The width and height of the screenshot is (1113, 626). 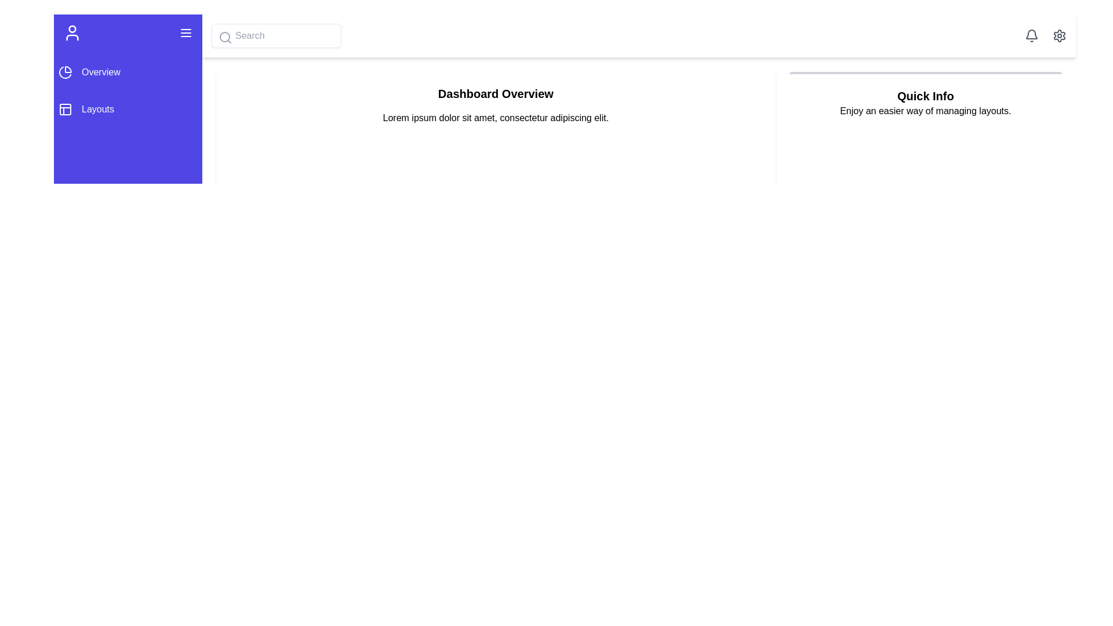 I want to click on the bell icon located at the top-right corner of the interface, so click(x=1032, y=35).